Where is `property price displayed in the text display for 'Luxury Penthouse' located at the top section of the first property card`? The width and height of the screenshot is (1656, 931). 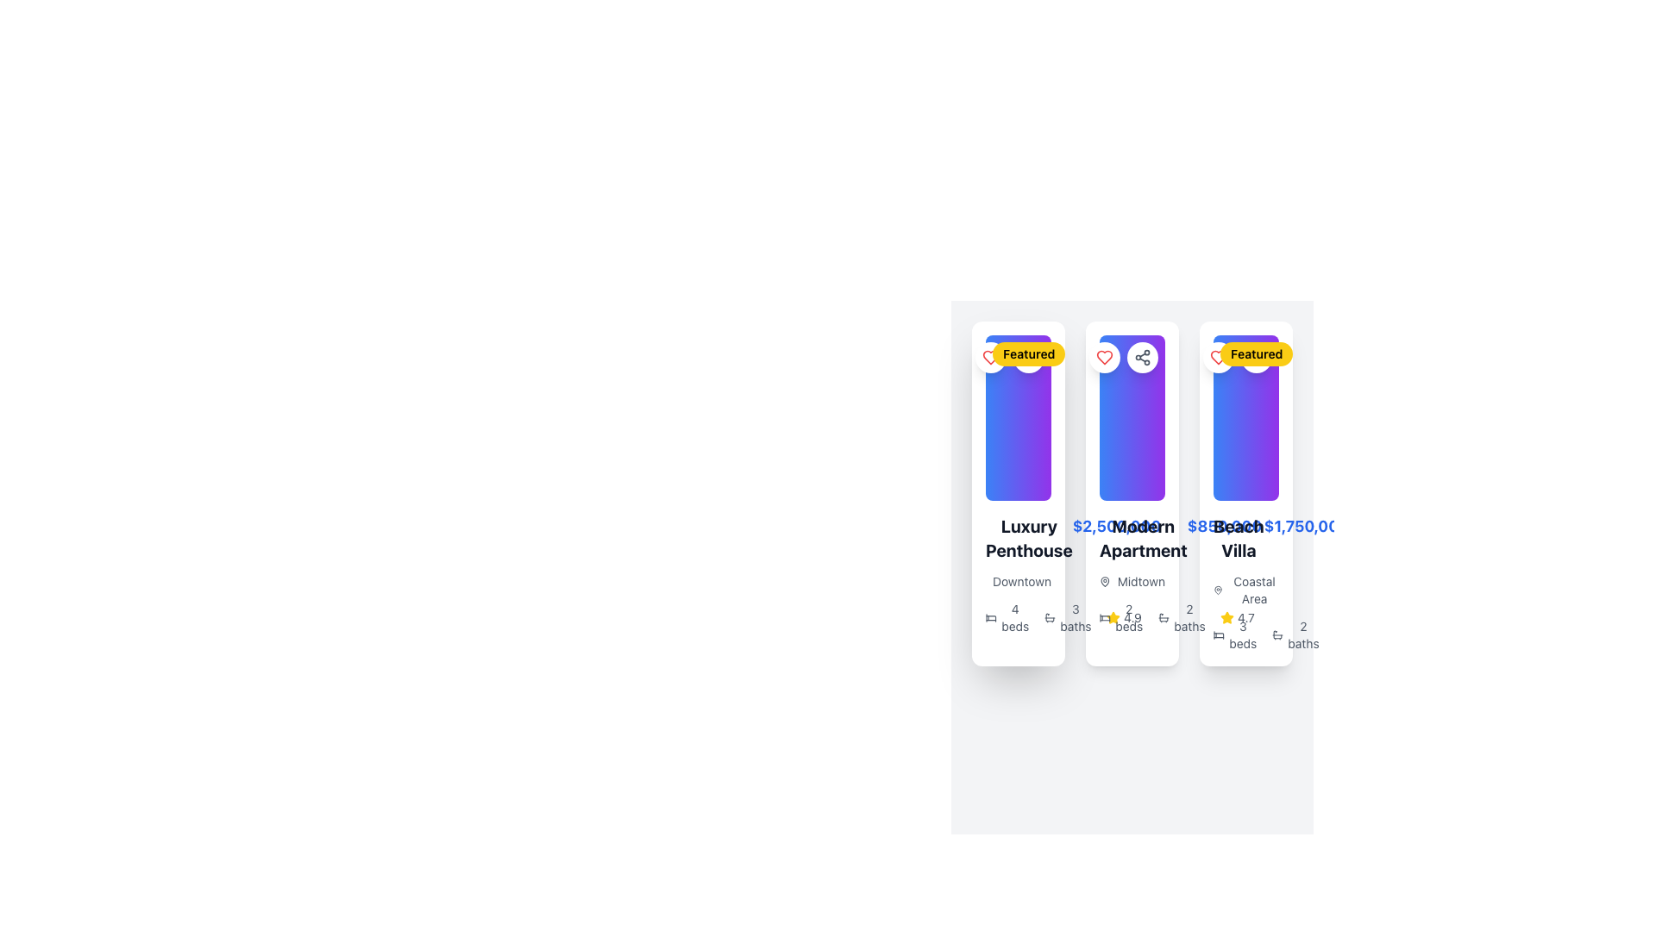 property price displayed in the text display for 'Luxury Penthouse' located at the top section of the first property card is located at coordinates (1018, 537).